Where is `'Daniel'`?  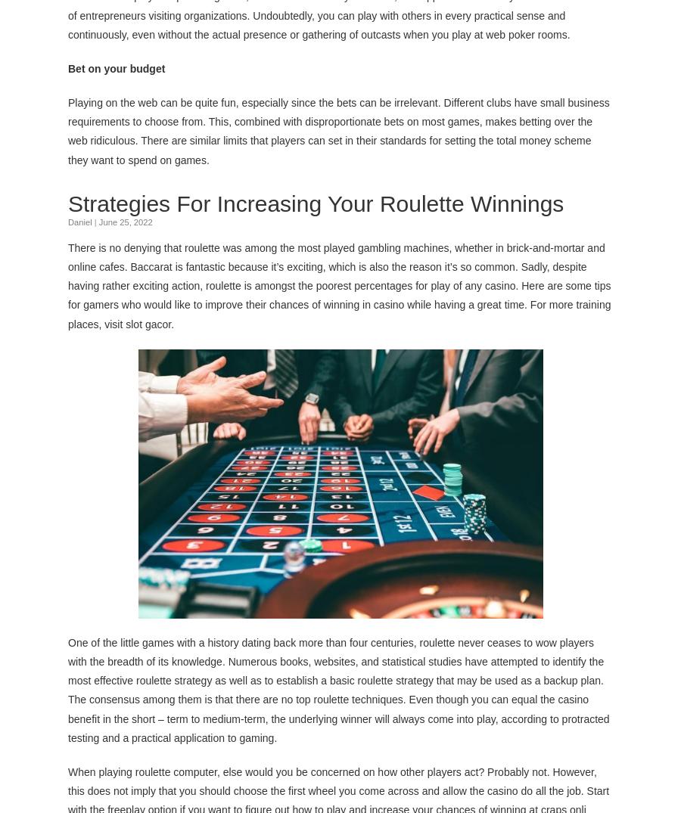
'Daniel' is located at coordinates (67, 220).